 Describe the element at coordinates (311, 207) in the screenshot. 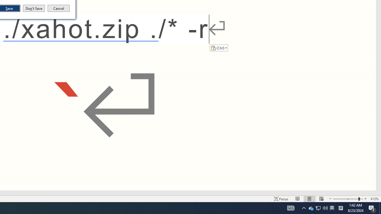

I see `'Notification Chevron'` at that location.